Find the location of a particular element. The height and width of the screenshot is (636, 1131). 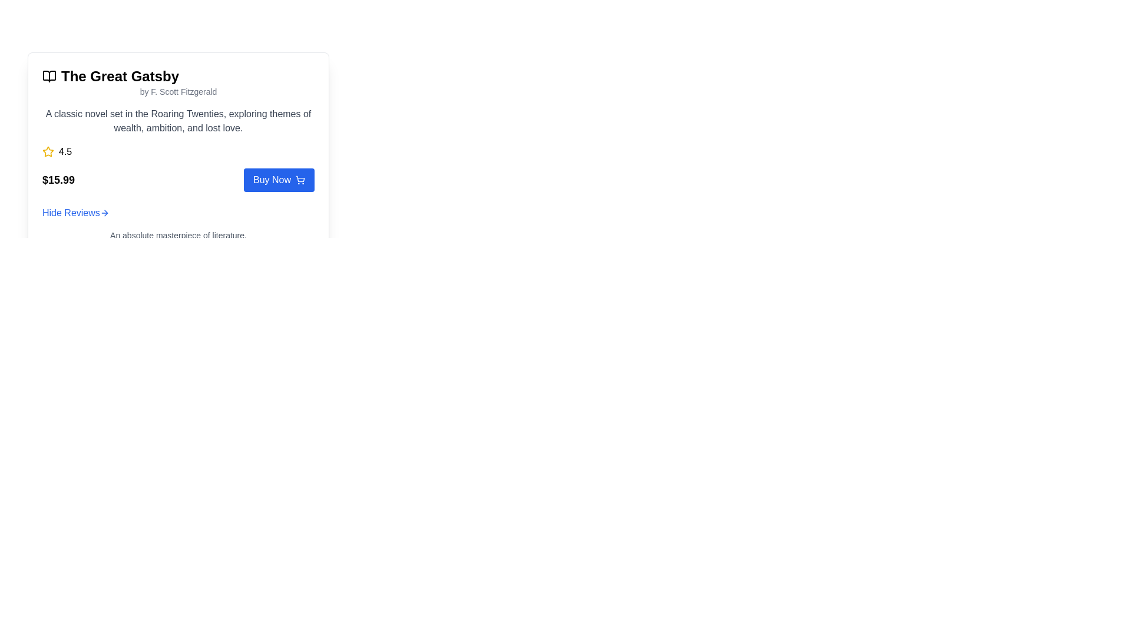

the chevron arrow icon to the right, which indicates a forward navigation action is located at coordinates (106, 213).